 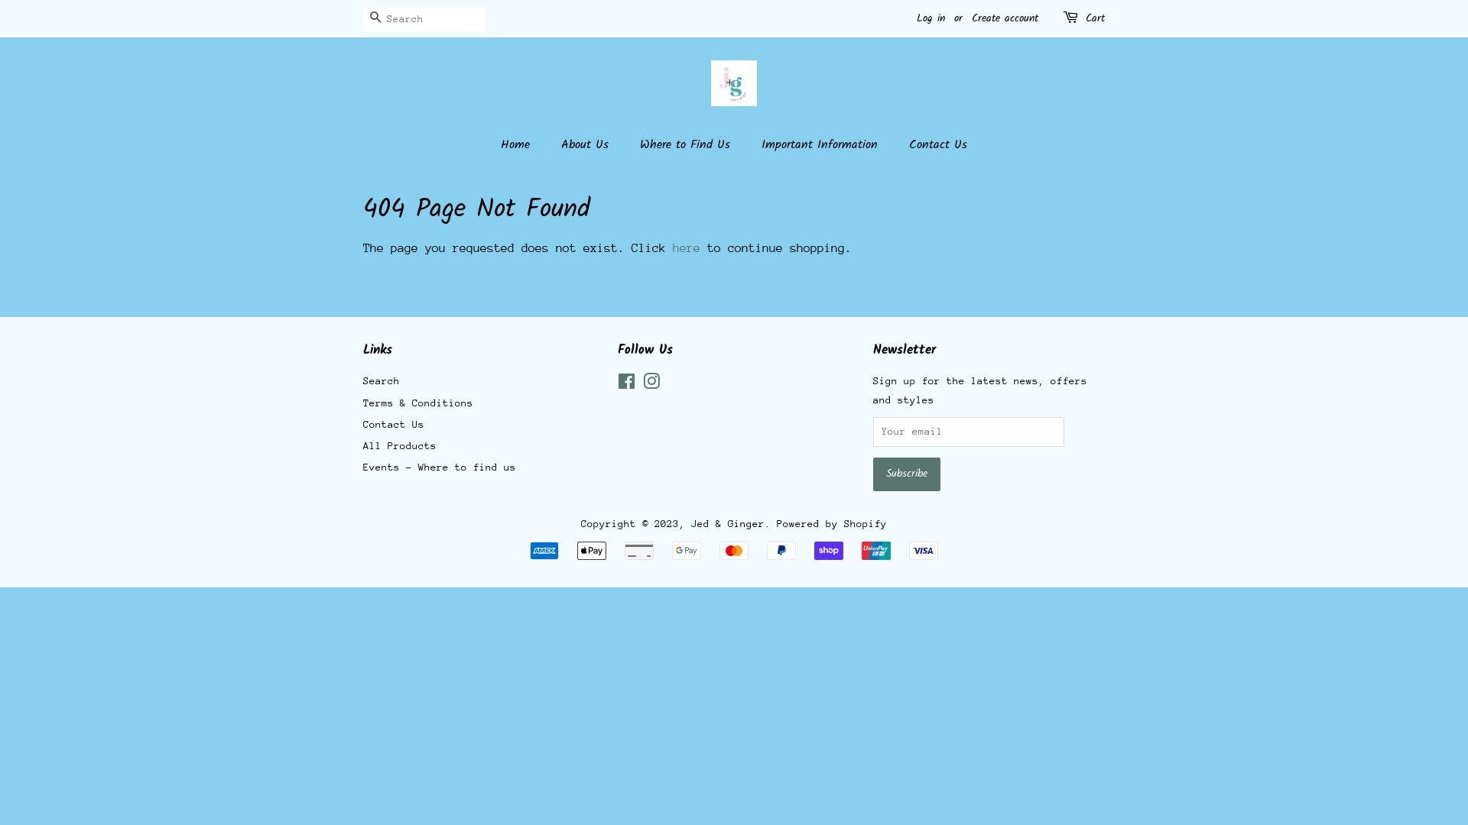 What do you see at coordinates (726, 522) in the screenshot?
I see `'Jed & Ginger'` at bounding box center [726, 522].